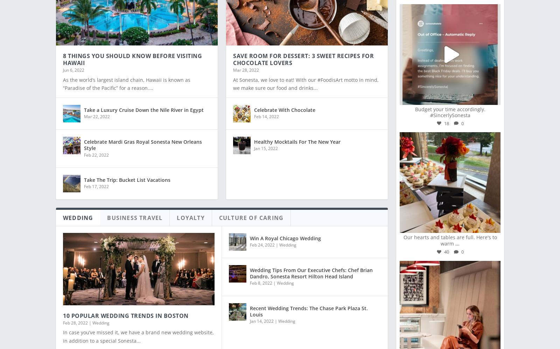 This screenshot has width=560, height=349. What do you see at coordinates (63, 332) in the screenshot?
I see `'In case you’ve missed it, we have a brand new wedding website, in addition to a special Sonesta...'` at bounding box center [63, 332].